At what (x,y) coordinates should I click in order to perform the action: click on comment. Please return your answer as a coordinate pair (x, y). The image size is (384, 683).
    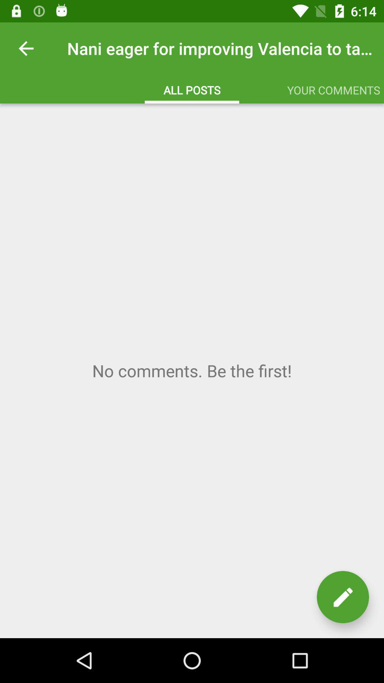
    Looking at the image, I should click on (342, 597).